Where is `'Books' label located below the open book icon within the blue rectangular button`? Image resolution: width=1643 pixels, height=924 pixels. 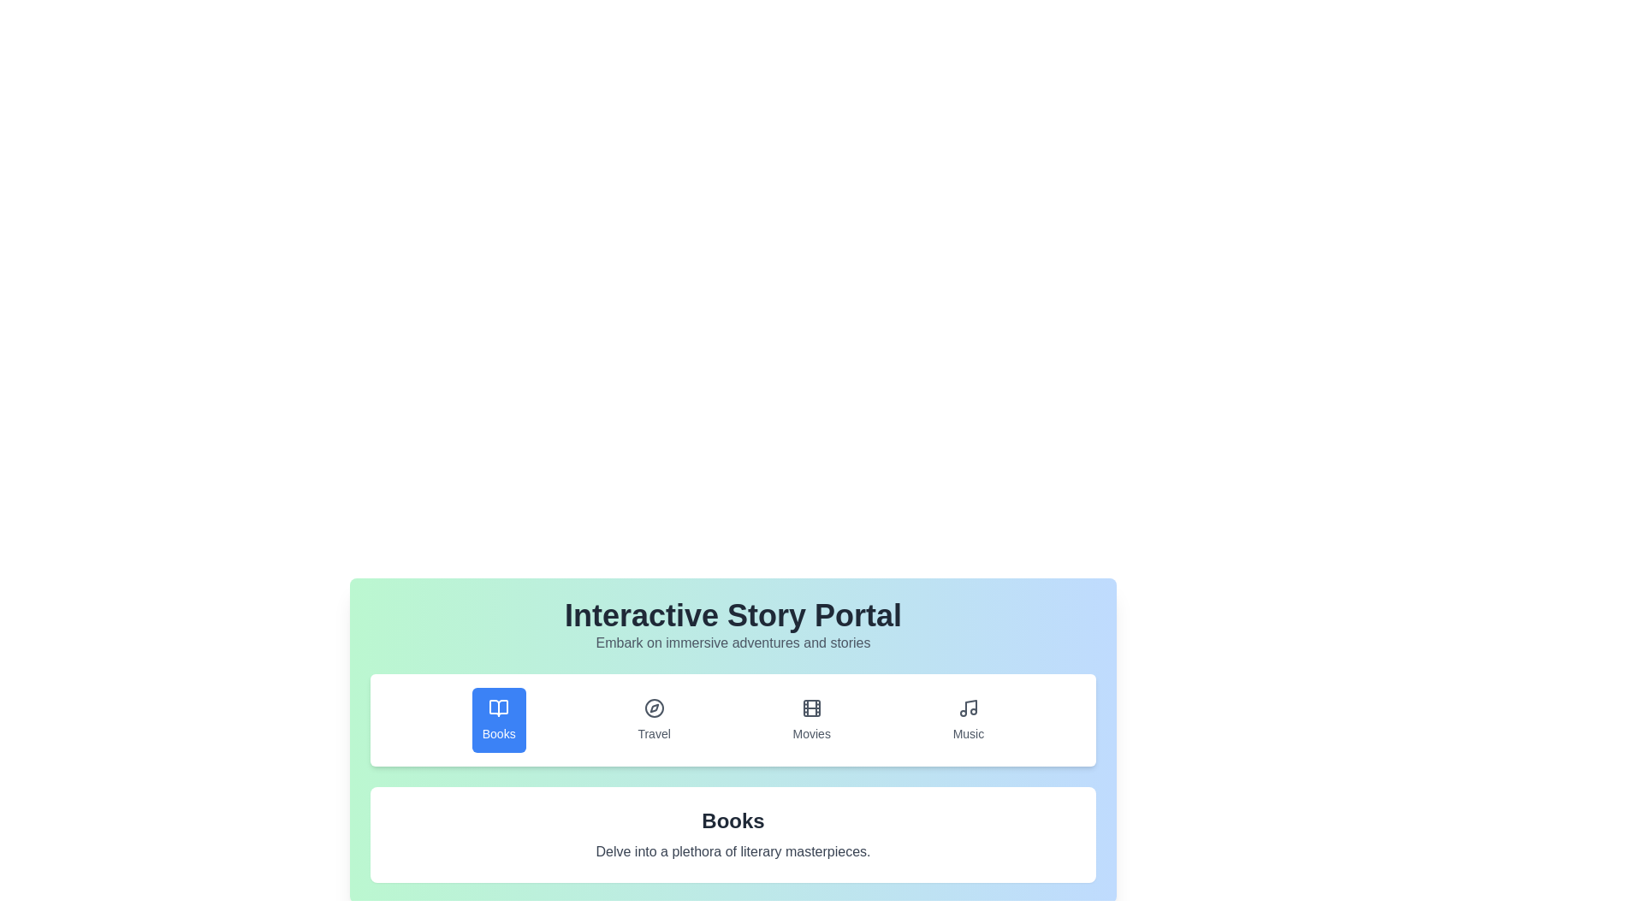
'Books' label located below the open book icon within the blue rectangular button is located at coordinates (498, 732).